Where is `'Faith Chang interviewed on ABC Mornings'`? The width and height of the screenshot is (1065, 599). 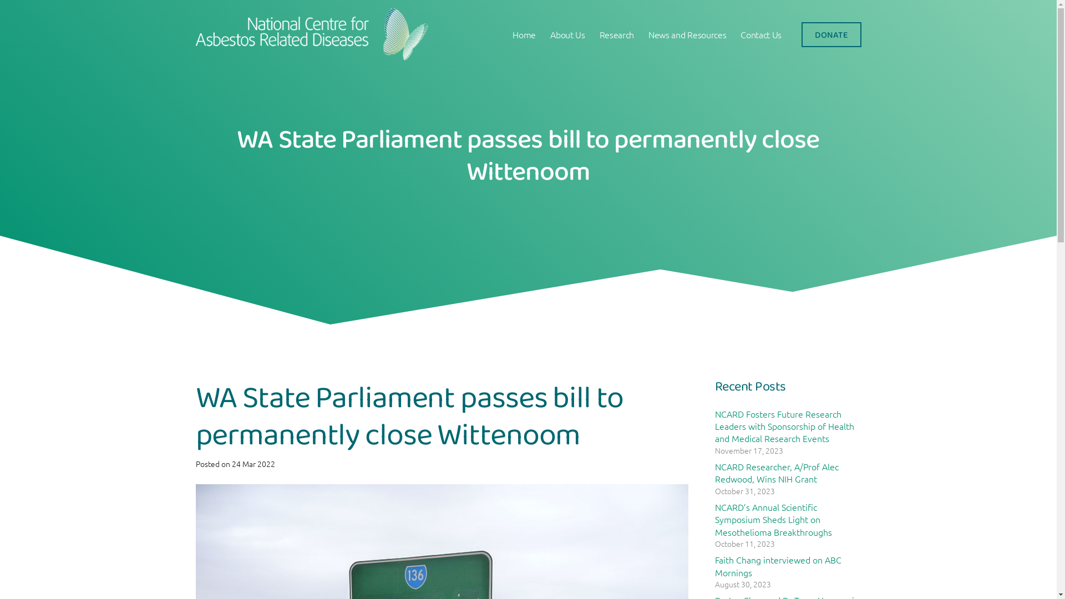
'Faith Chang interviewed on ABC Mornings' is located at coordinates (714, 565).